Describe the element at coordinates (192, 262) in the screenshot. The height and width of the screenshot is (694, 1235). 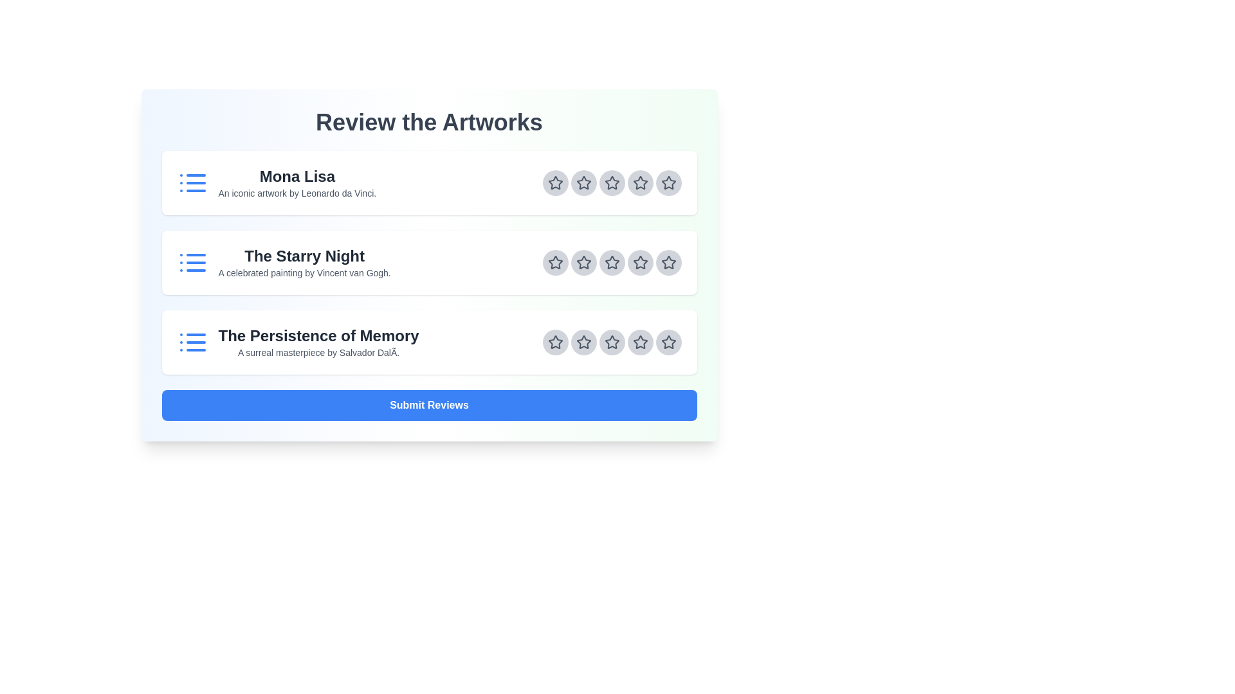
I see `the artwork icon for The Starry Night` at that location.